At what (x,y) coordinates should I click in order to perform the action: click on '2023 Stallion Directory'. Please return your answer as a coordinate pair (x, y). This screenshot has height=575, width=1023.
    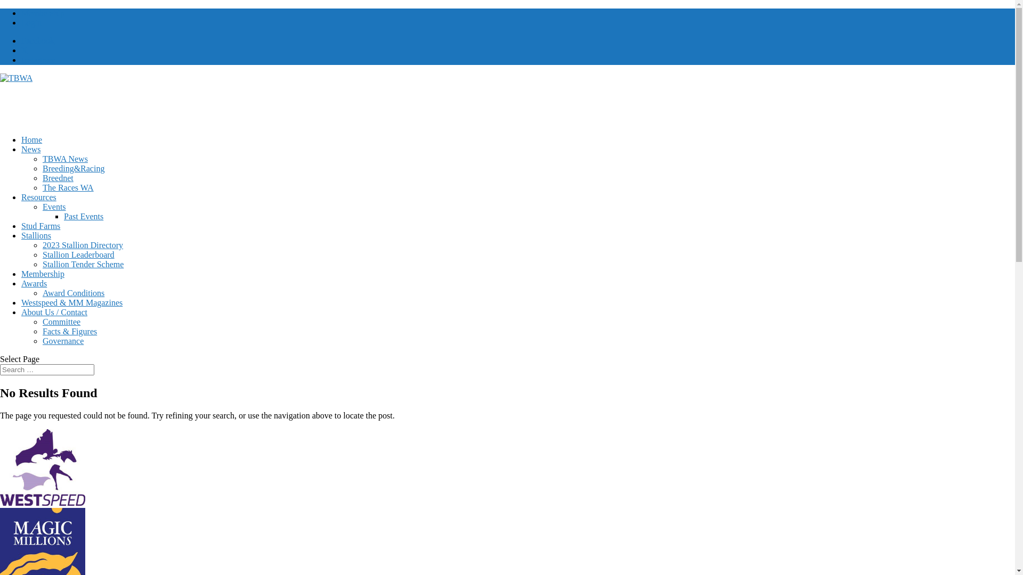
    Looking at the image, I should click on (82, 245).